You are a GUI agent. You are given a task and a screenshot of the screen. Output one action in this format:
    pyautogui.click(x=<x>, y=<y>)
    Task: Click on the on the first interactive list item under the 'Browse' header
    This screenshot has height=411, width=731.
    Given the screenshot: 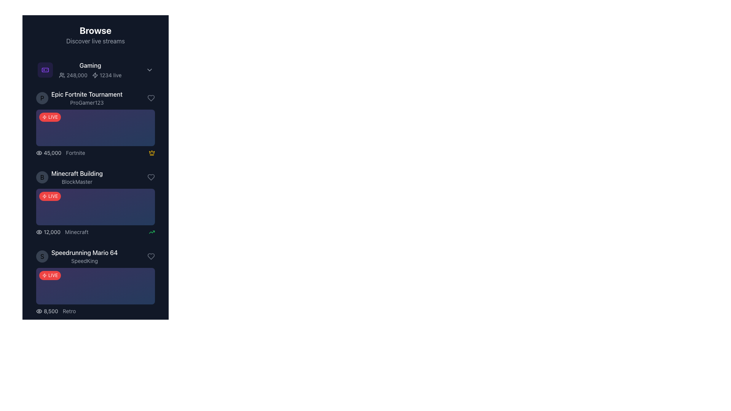 What is the action you would take?
    pyautogui.click(x=95, y=70)
    